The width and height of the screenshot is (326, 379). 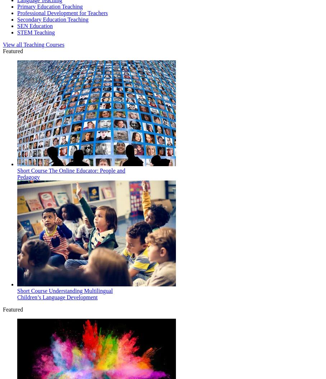 I want to click on 'Primary Education Teaching', so click(x=50, y=6).